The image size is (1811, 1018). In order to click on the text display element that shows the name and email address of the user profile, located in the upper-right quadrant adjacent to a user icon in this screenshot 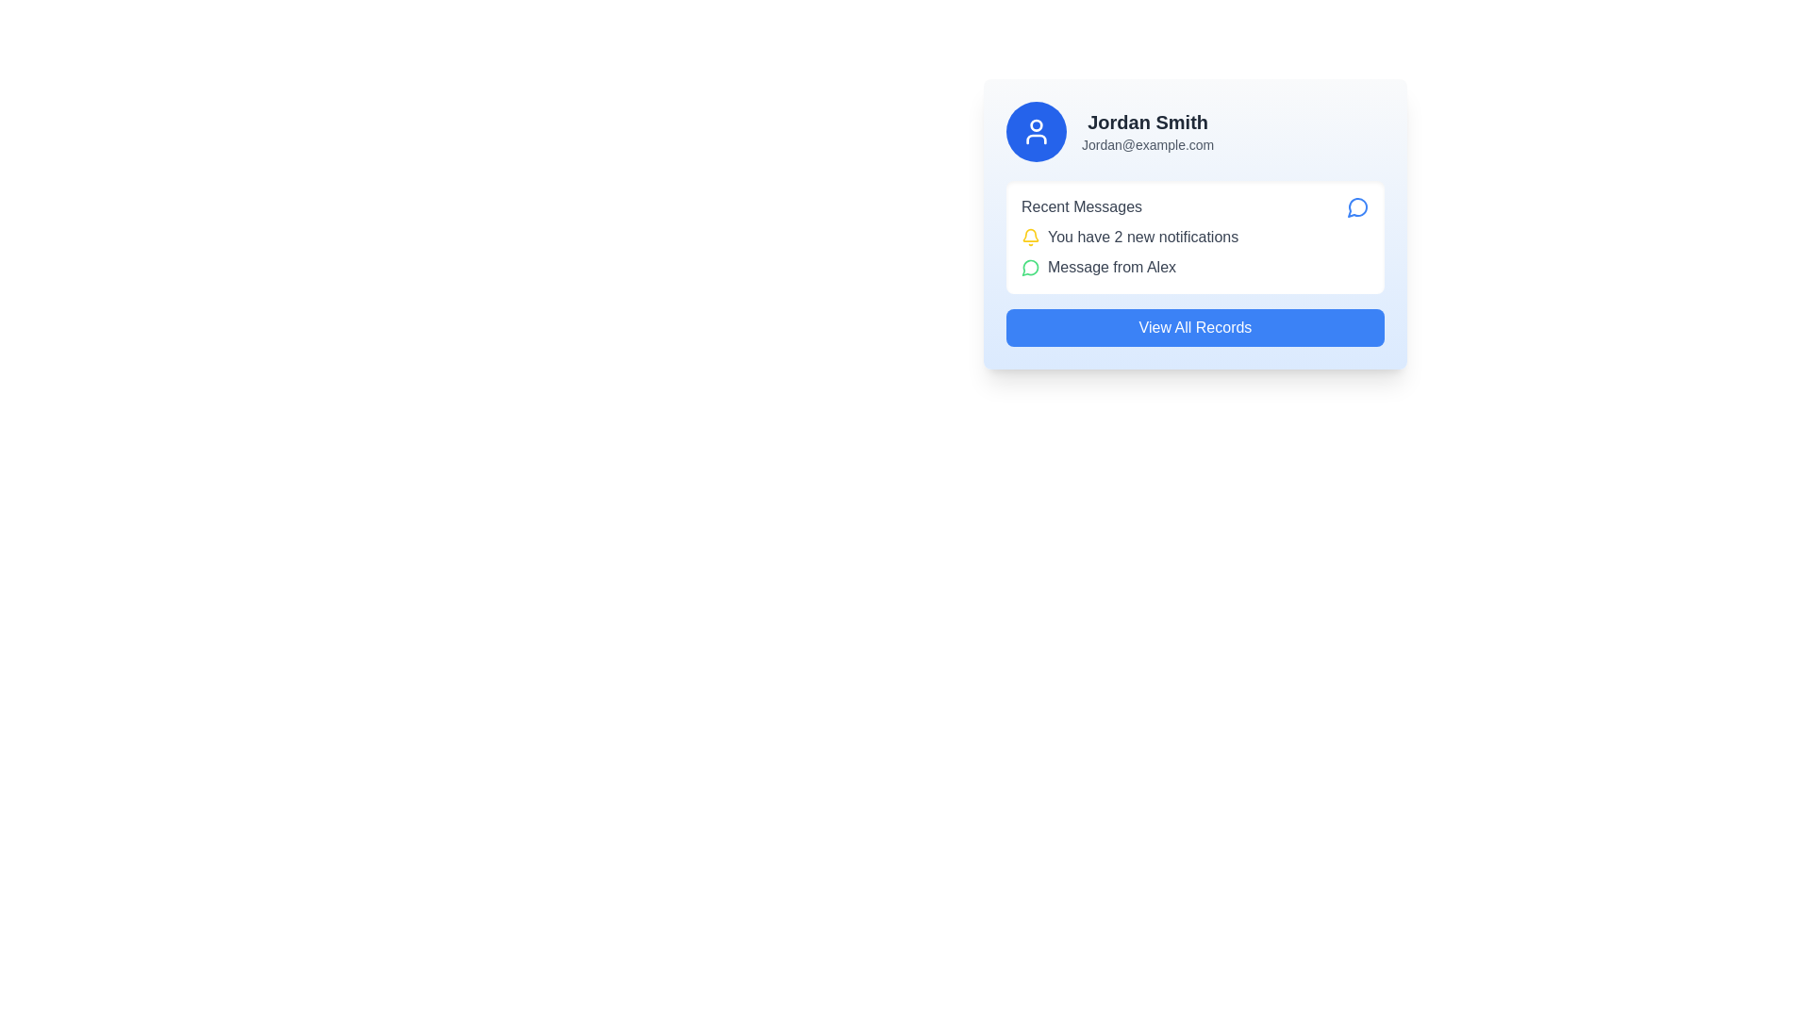, I will do `click(1147, 130)`.